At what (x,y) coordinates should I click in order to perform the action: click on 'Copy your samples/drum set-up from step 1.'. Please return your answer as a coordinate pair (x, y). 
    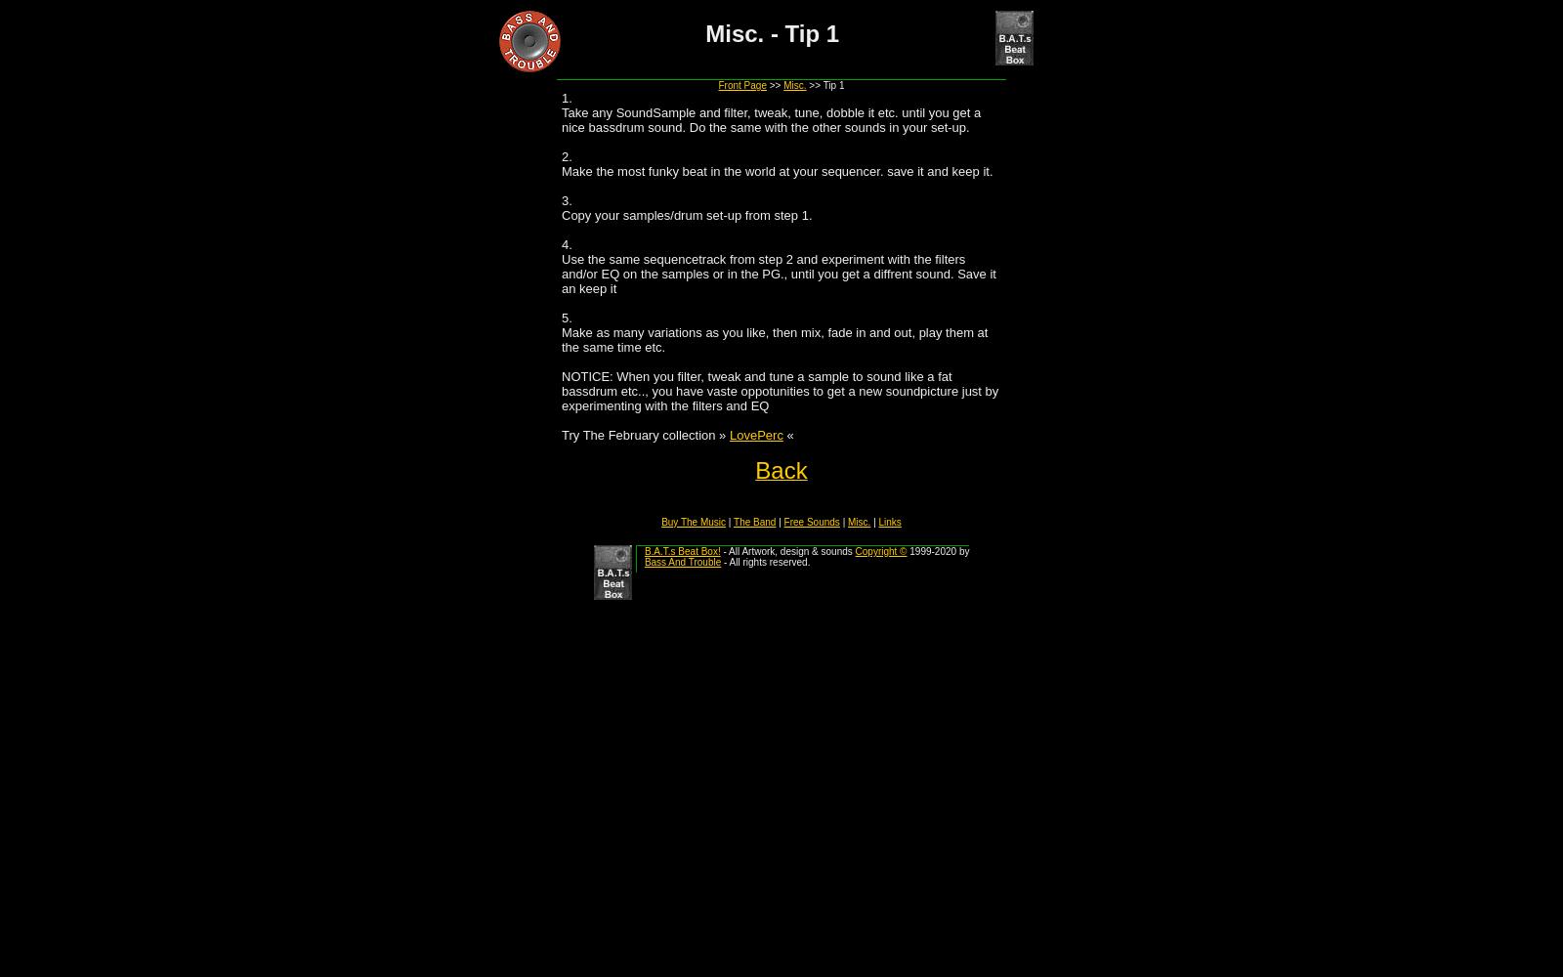
    Looking at the image, I should click on (687, 214).